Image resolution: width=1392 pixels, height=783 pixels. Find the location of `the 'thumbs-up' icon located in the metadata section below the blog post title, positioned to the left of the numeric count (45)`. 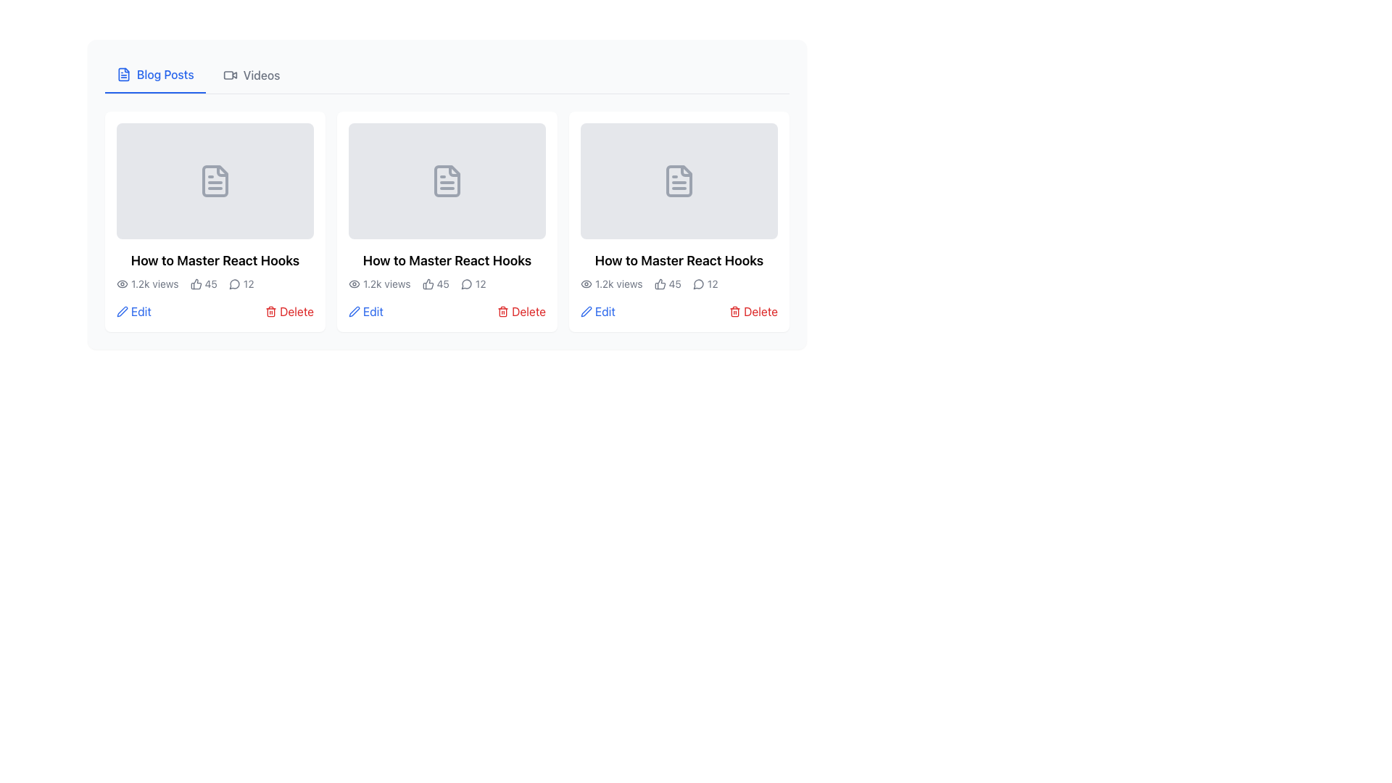

the 'thumbs-up' icon located in the metadata section below the blog post title, positioned to the left of the numeric count (45) is located at coordinates (659, 284).